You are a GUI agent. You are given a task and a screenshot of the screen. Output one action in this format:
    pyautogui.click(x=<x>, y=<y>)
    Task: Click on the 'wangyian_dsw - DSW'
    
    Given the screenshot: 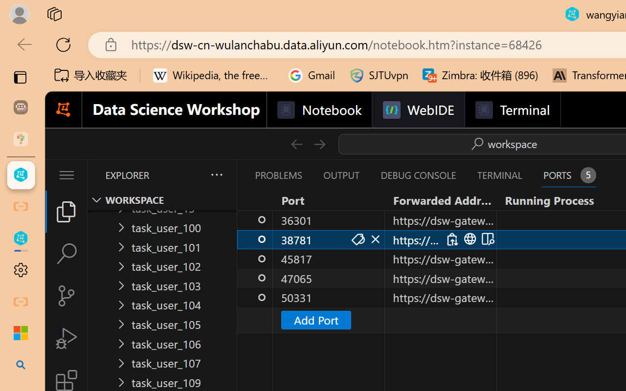 What is the action you would take?
    pyautogui.click(x=21, y=175)
    